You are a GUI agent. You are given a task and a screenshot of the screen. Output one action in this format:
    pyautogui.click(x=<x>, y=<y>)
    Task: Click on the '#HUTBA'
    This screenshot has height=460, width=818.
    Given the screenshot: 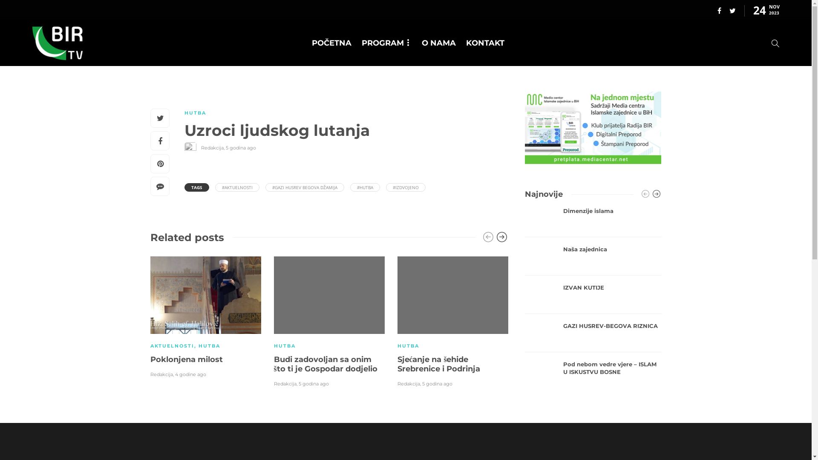 What is the action you would take?
    pyautogui.click(x=350, y=187)
    